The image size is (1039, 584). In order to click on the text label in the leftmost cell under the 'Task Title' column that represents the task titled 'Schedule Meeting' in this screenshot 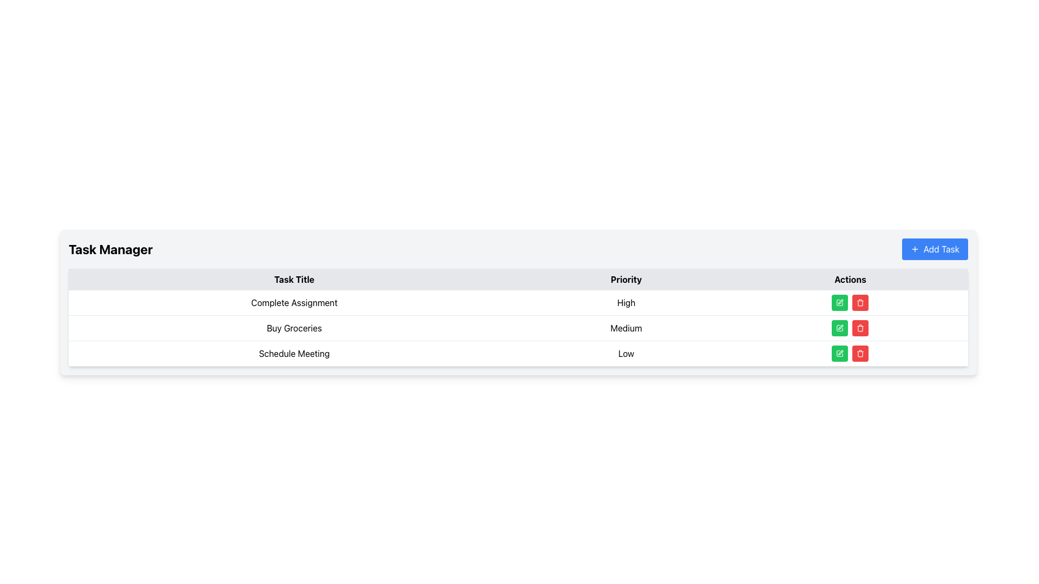, I will do `click(294, 354)`.